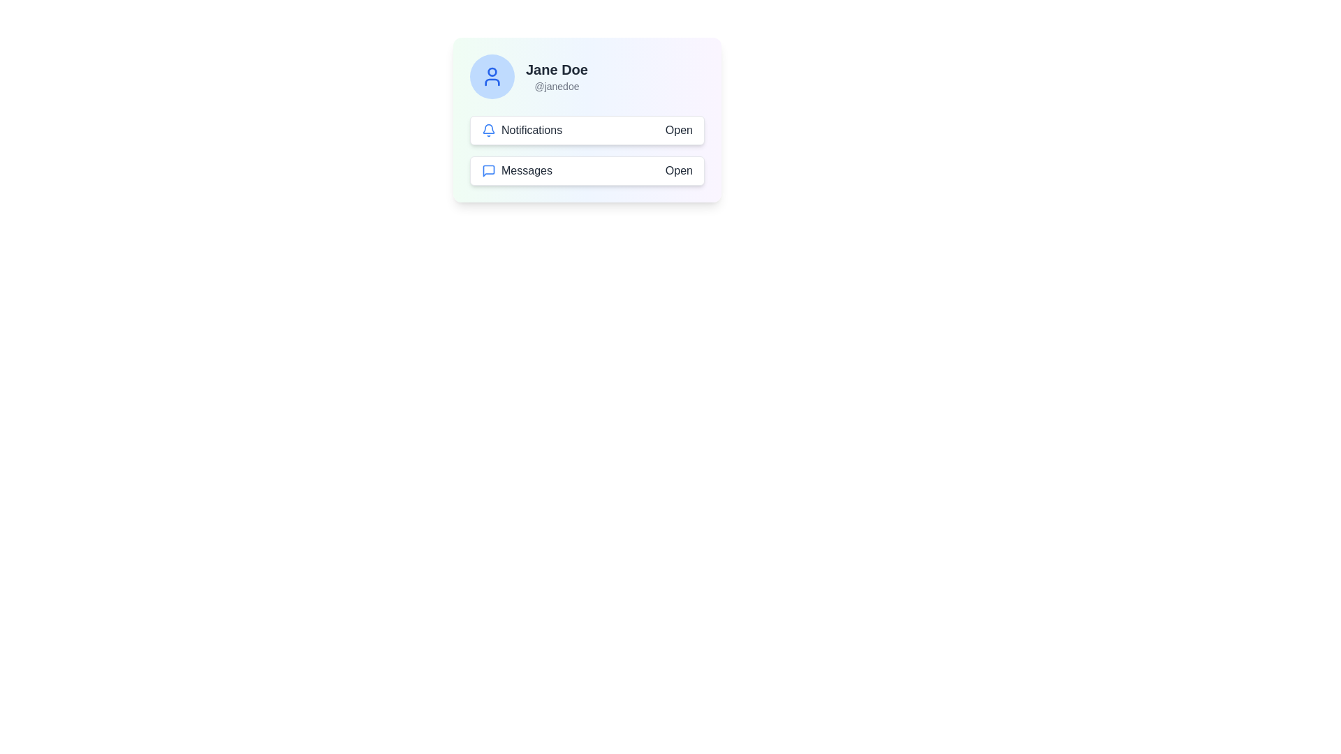 The width and height of the screenshot is (1341, 754). I want to click on the avatar icon located within the circular background area in the top left of the card, so click(492, 77).